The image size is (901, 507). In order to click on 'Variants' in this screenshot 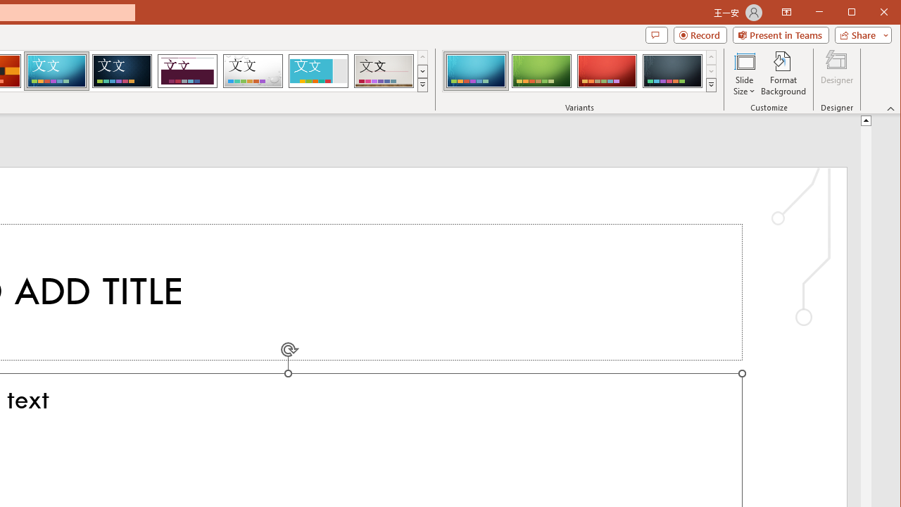, I will do `click(711, 84)`.